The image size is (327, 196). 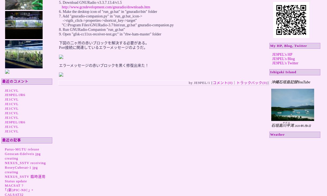 What do you see at coordinates (272, 54) in the screenshot?
I see `'JE9PEL's HP'` at bounding box center [272, 54].